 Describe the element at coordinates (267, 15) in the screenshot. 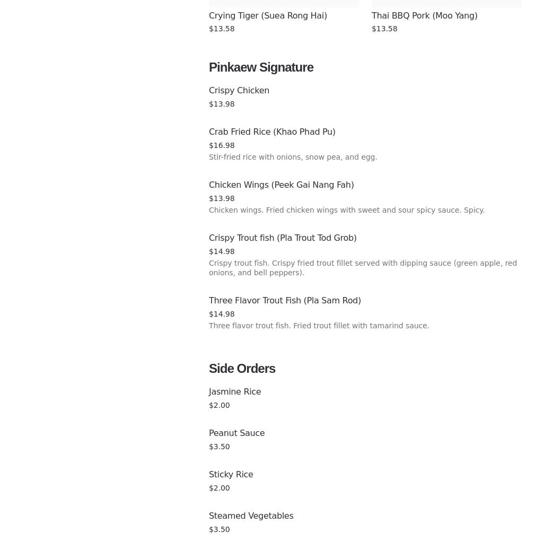

I see `'Crying Tiger (Suea Rong Hai)'` at that location.